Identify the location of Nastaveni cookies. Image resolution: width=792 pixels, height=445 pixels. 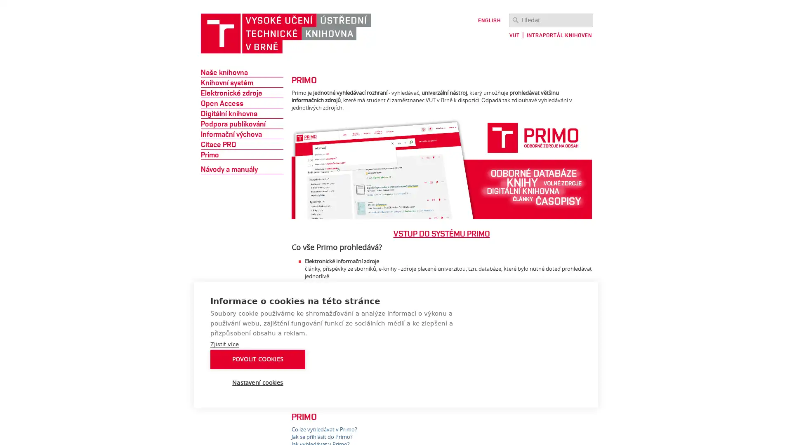
(533, 373).